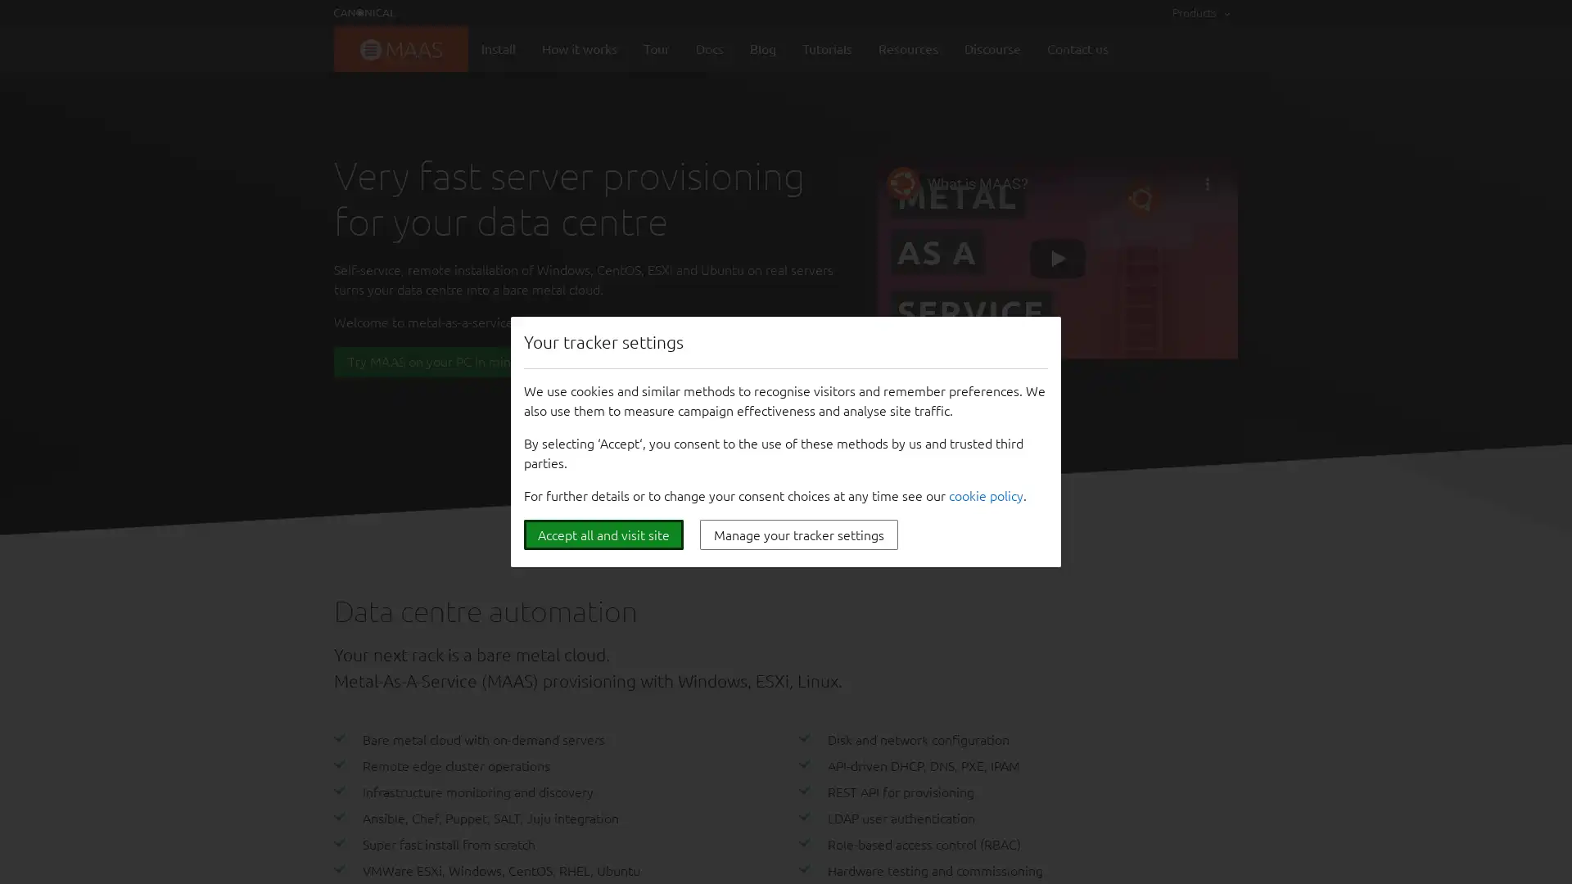 The height and width of the screenshot is (884, 1572). What do you see at coordinates (603, 534) in the screenshot?
I see `Accept all and visit site` at bounding box center [603, 534].